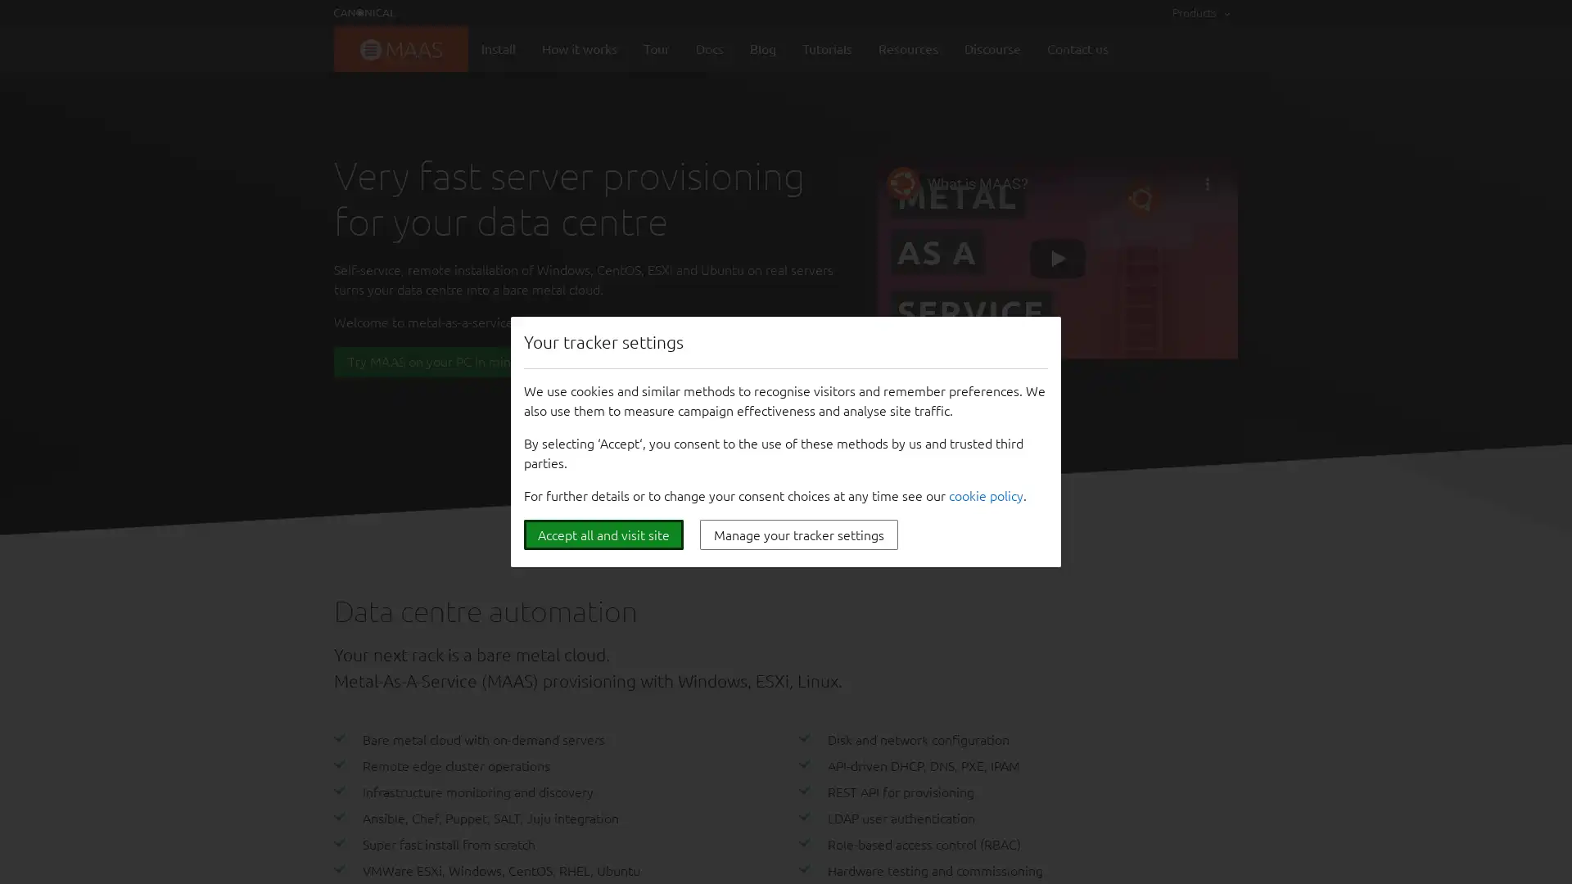 The height and width of the screenshot is (884, 1572). What do you see at coordinates (603, 534) in the screenshot?
I see `Accept all and visit site` at bounding box center [603, 534].